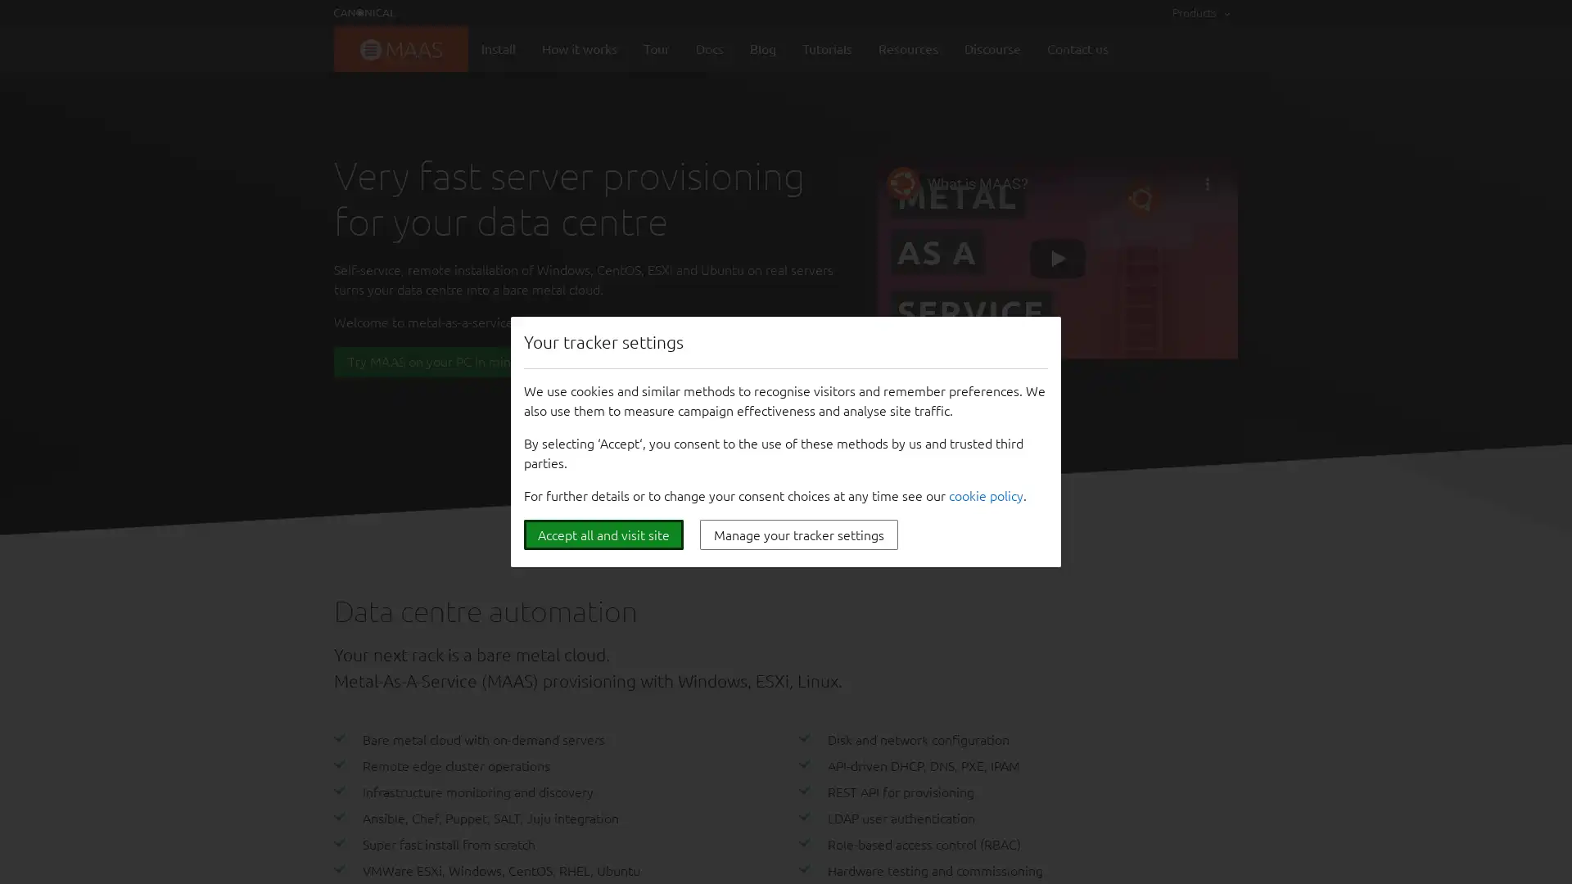 The height and width of the screenshot is (884, 1572). What do you see at coordinates (603, 534) in the screenshot?
I see `Accept all and visit site` at bounding box center [603, 534].